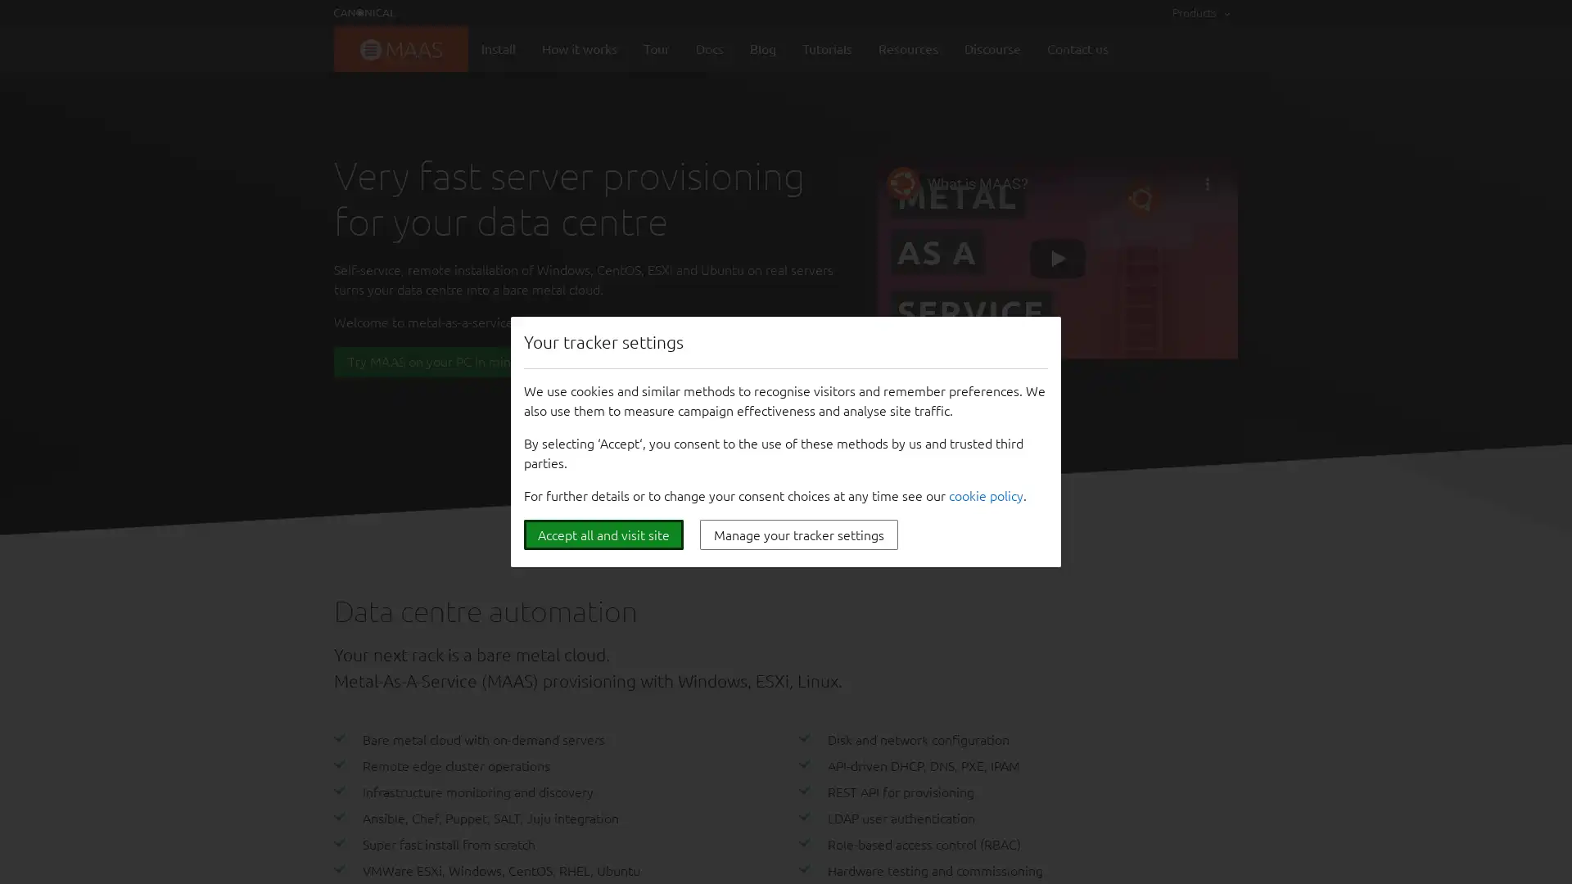 The height and width of the screenshot is (884, 1572). What do you see at coordinates (603, 534) in the screenshot?
I see `Accept all and visit site` at bounding box center [603, 534].